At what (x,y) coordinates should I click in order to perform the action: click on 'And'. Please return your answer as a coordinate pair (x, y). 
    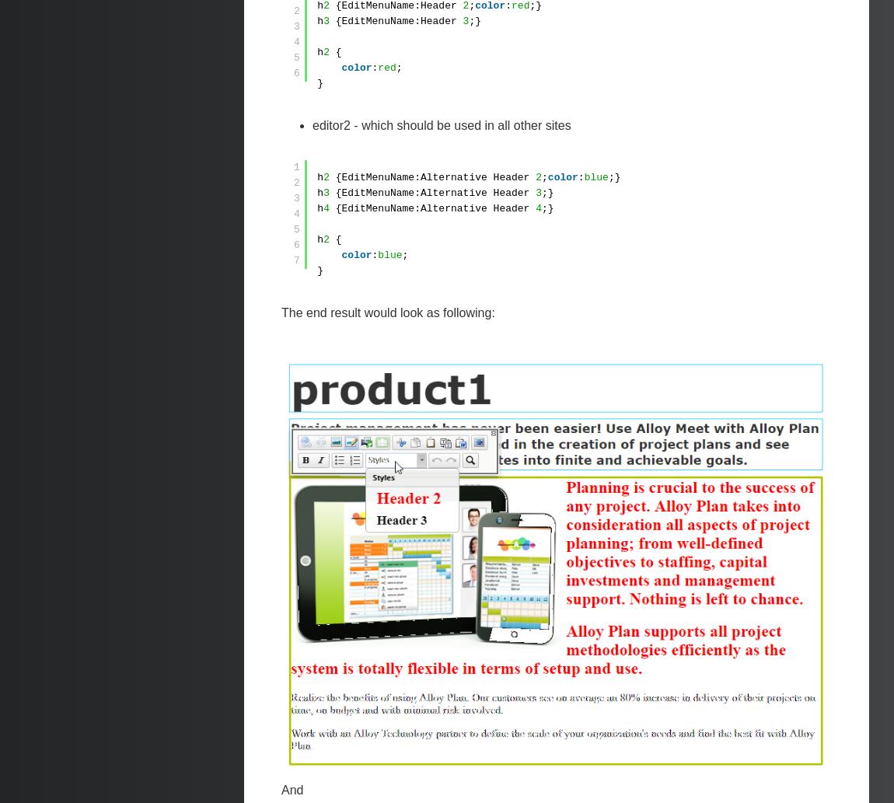
    Looking at the image, I should click on (281, 788).